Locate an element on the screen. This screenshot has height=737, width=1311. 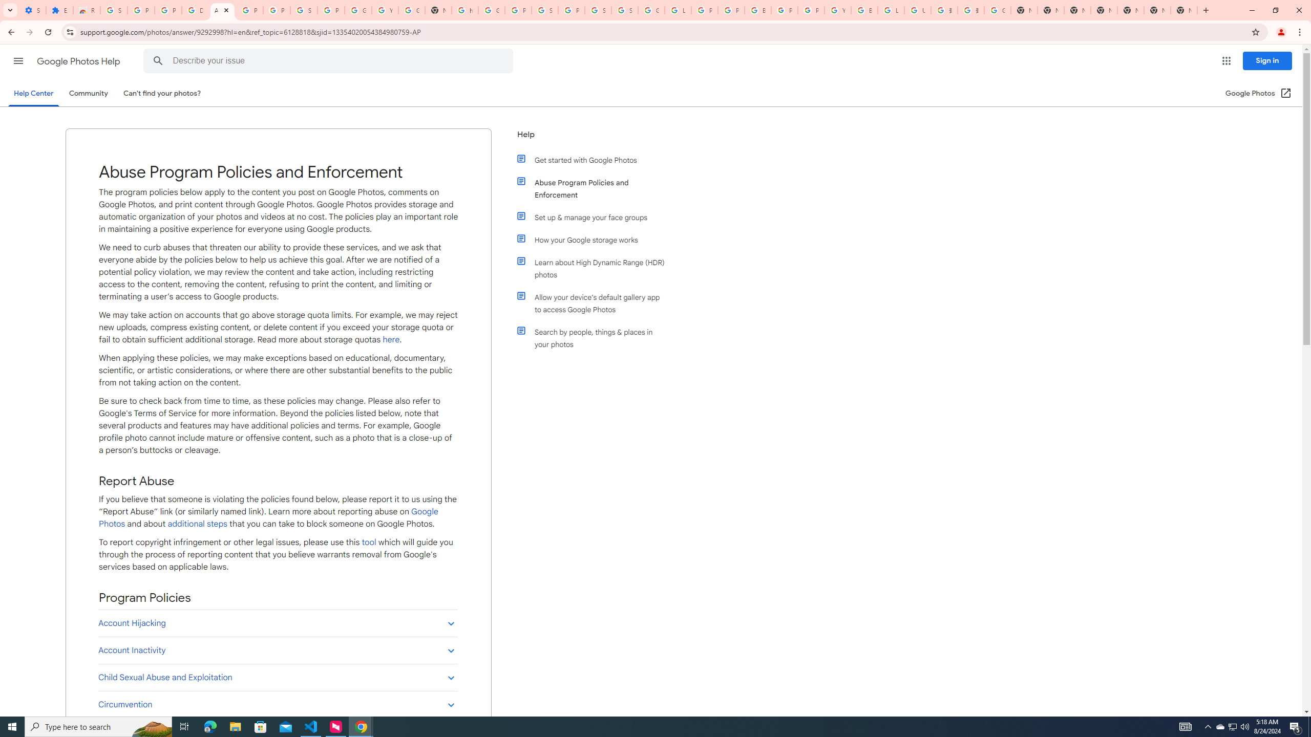
'Google Account' is located at coordinates (357, 10).